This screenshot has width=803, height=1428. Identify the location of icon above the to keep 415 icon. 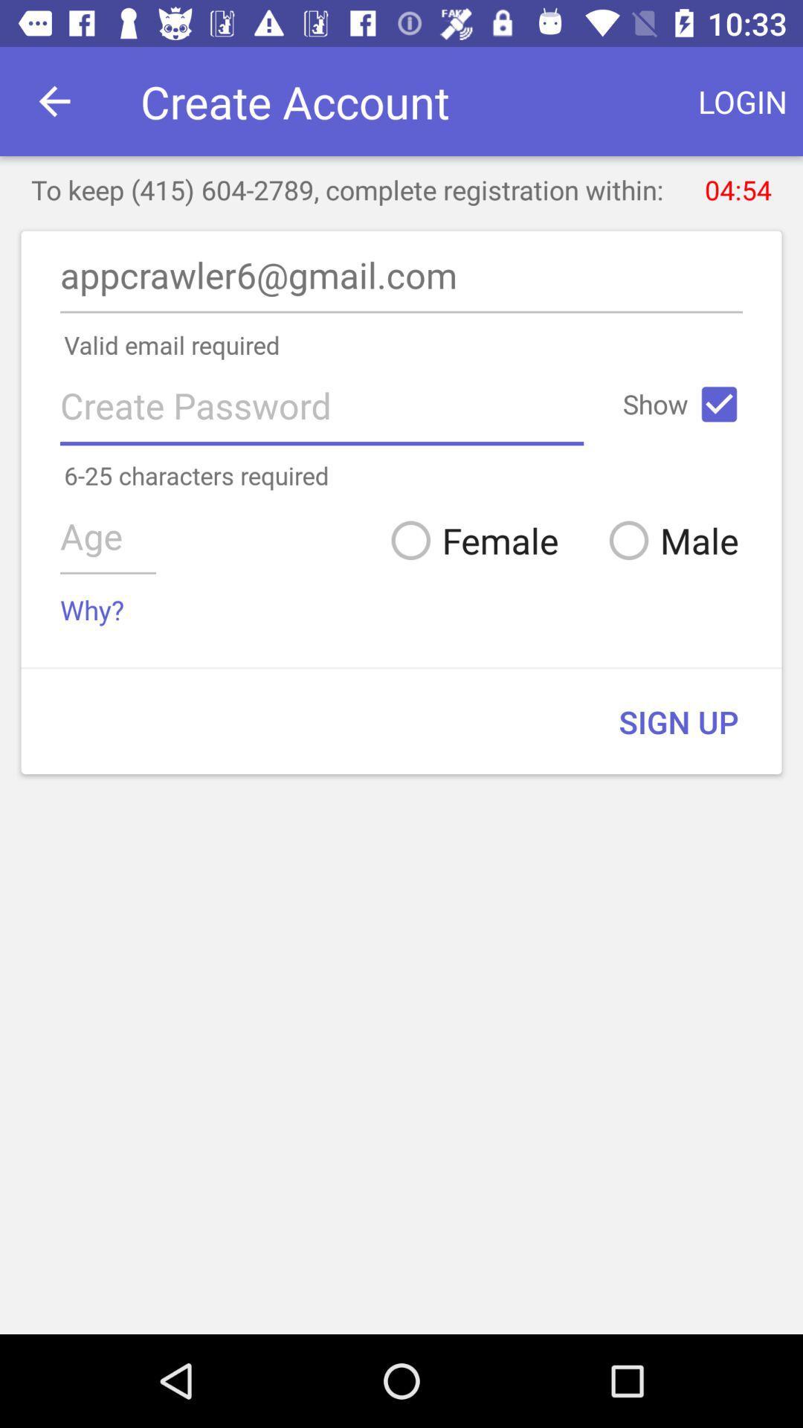
(54, 100).